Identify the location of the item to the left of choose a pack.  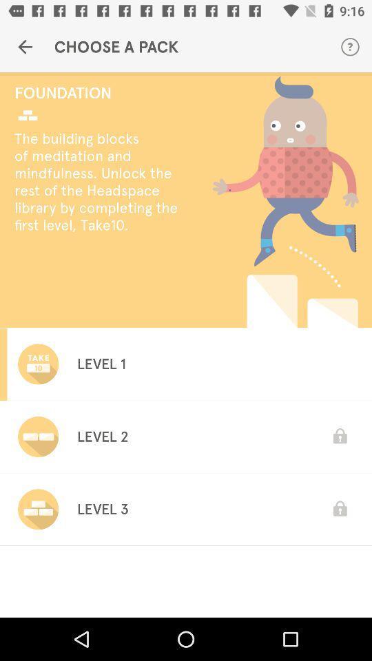
(25, 47).